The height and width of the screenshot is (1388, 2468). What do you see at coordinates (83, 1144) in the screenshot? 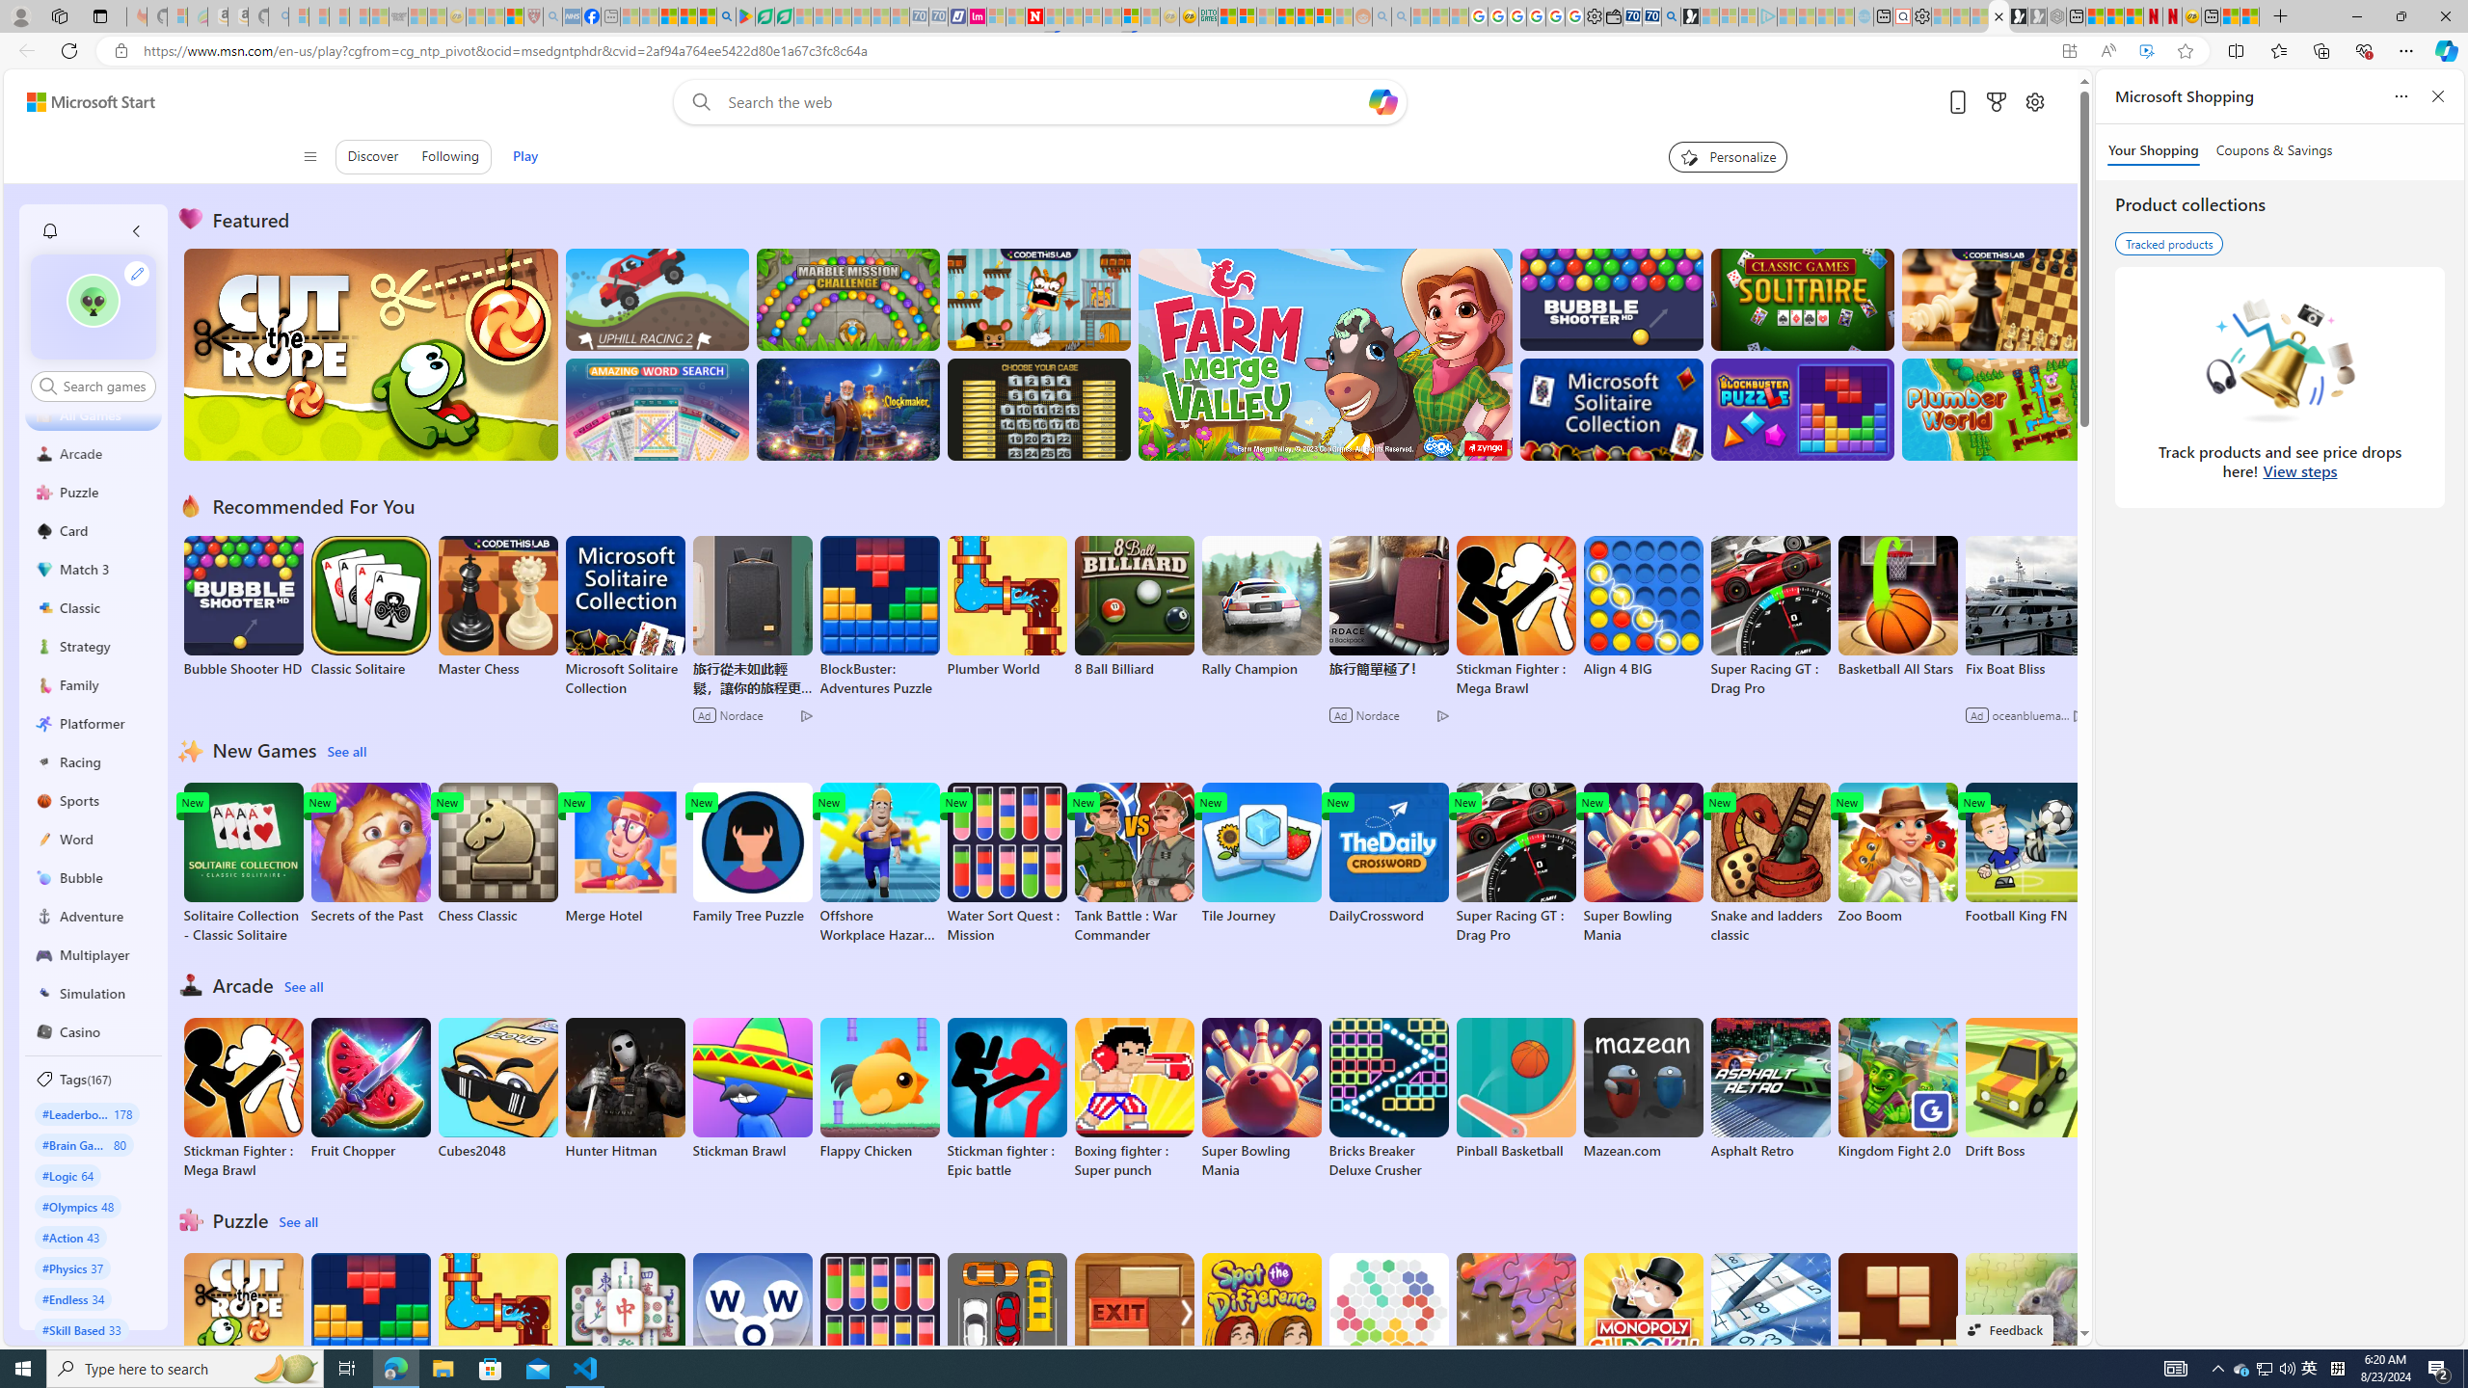
I see `'#Brain Games 80'` at bounding box center [83, 1144].